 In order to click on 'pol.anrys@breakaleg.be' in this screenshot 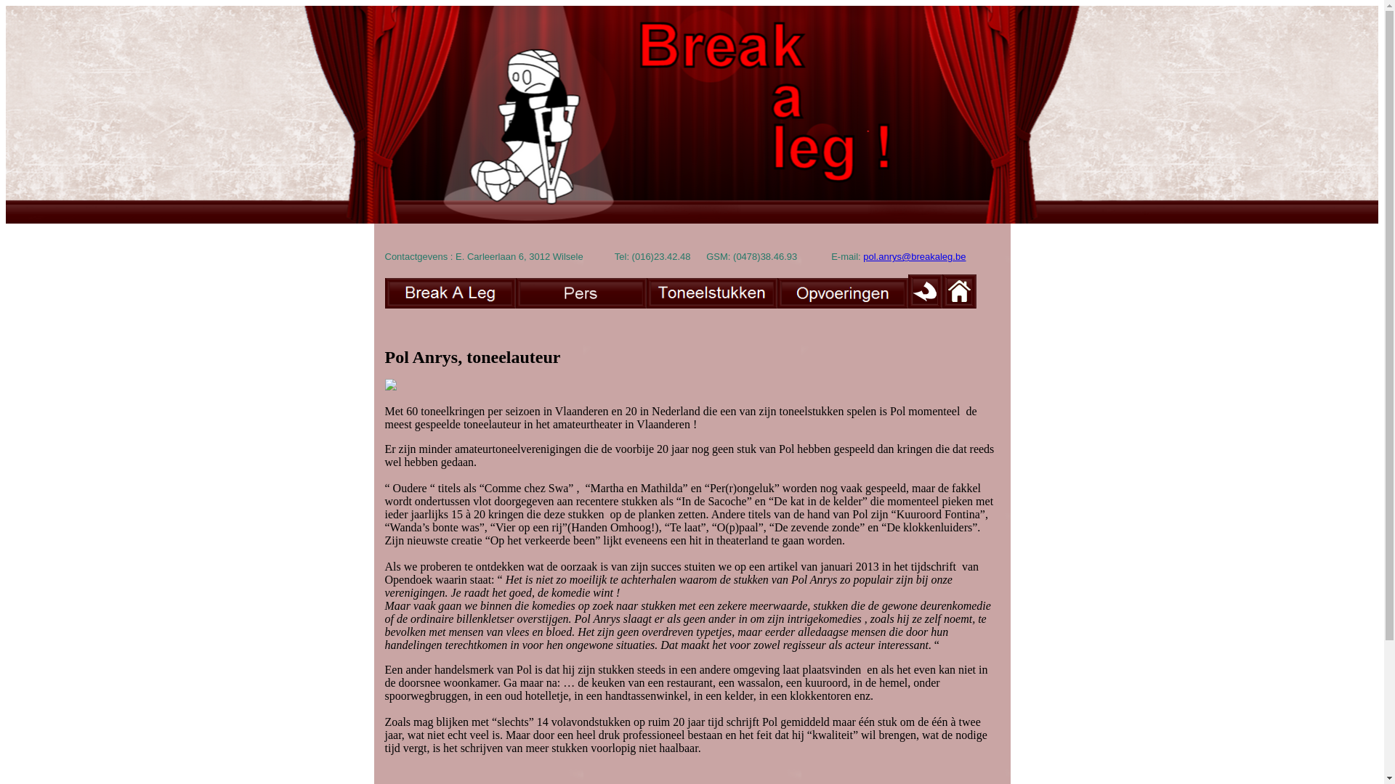, I will do `click(913, 256)`.